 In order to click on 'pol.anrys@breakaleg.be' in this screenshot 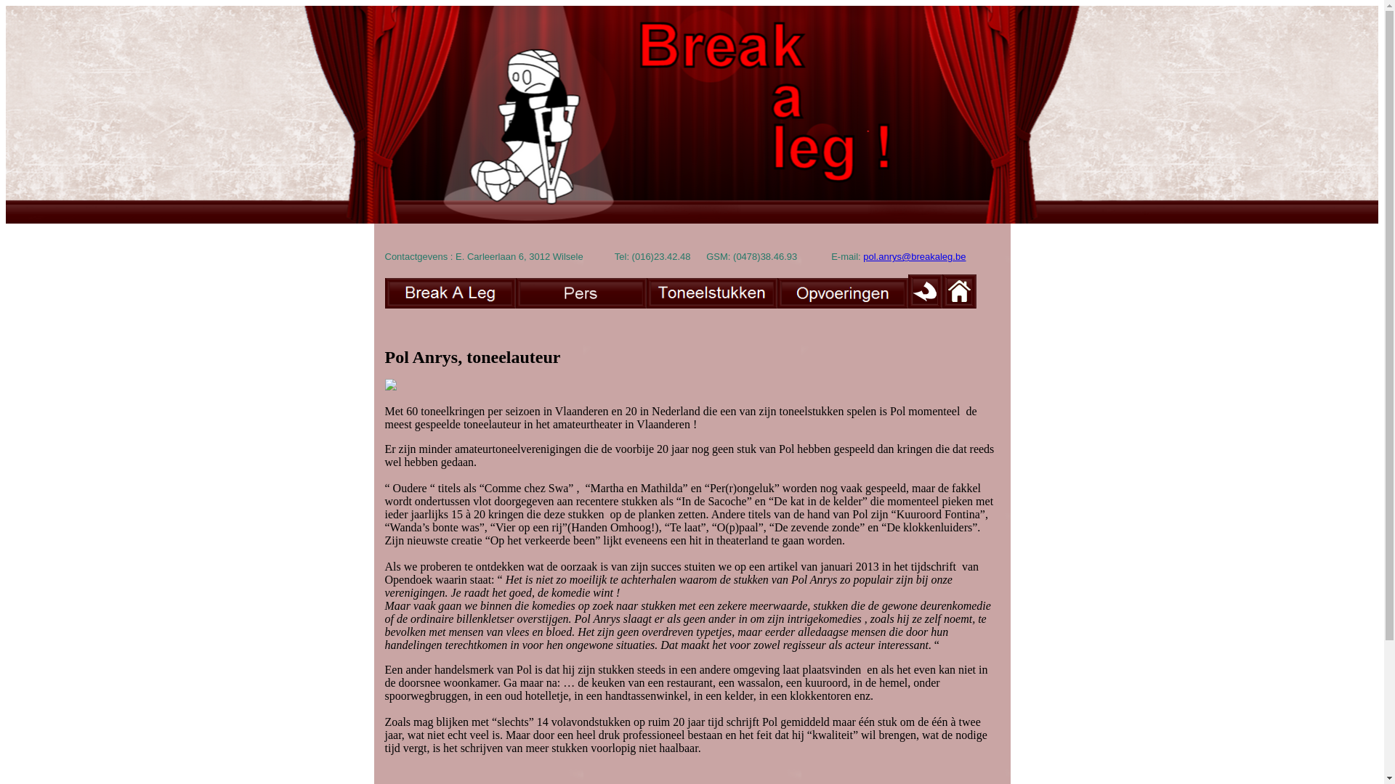, I will do `click(913, 256)`.